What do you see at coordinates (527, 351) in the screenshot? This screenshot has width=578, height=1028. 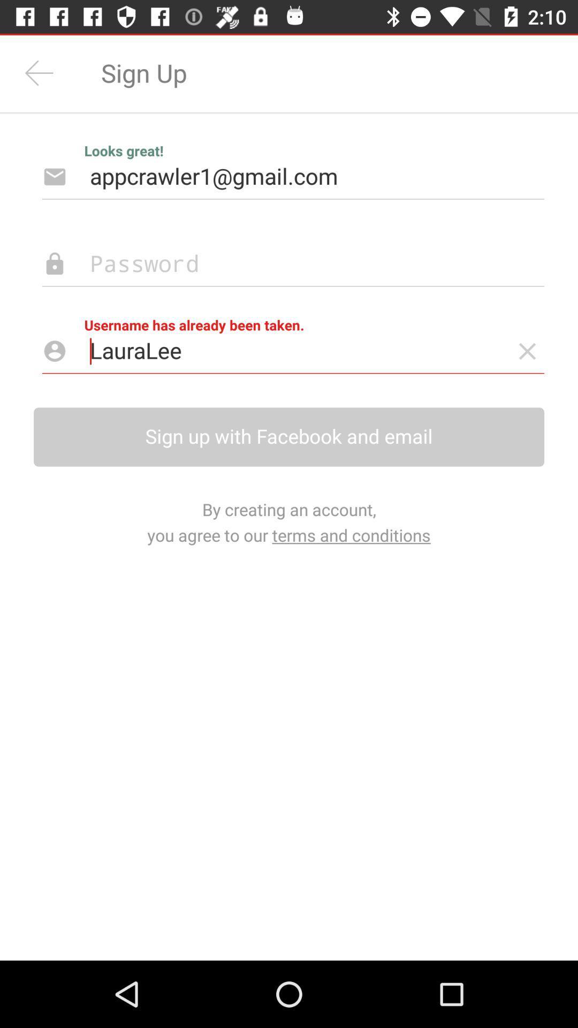 I see `usename has already beed taken` at bounding box center [527, 351].